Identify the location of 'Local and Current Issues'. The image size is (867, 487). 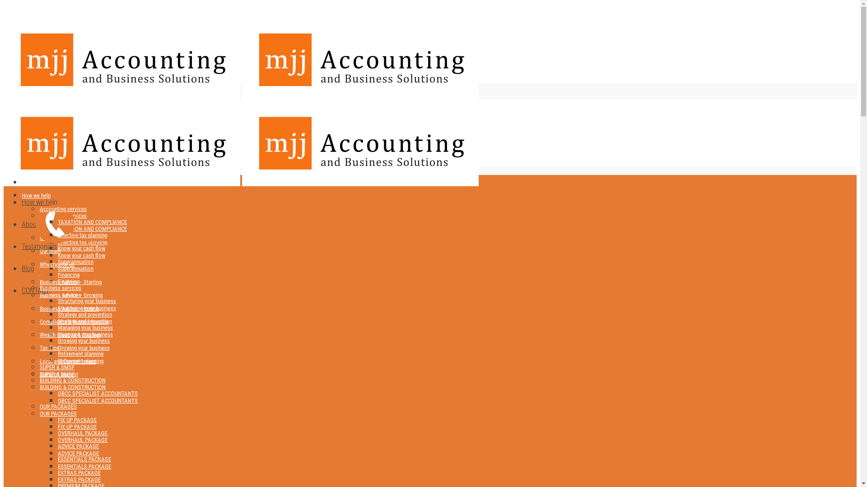
(67, 361).